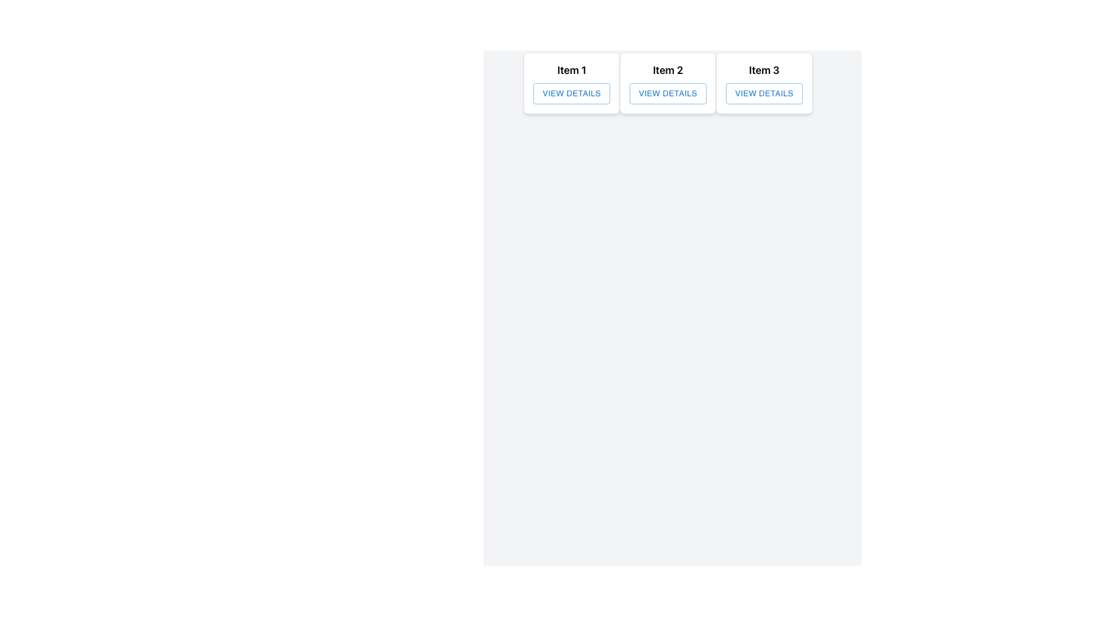 This screenshot has width=1101, height=619. I want to click on the Text Label located at the top of the third card in a horizontal sequence, which identifies the content or purpose of the associated item, positioned above the 'View Details' button, so click(764, 70).